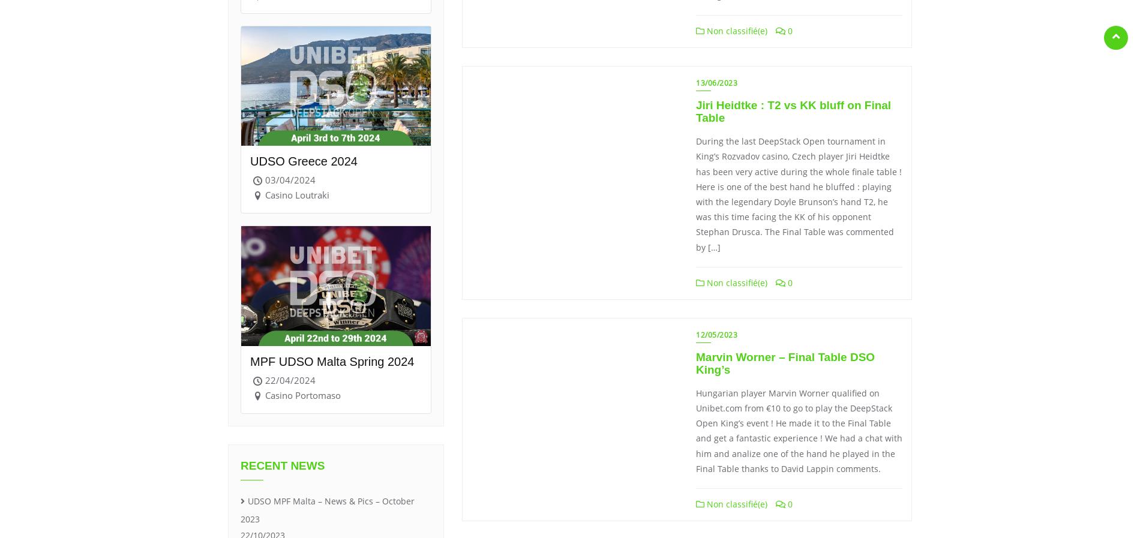  Describe the element at coordinates (240, 465) in the screenshot. I see `'Recent News'` at that location.